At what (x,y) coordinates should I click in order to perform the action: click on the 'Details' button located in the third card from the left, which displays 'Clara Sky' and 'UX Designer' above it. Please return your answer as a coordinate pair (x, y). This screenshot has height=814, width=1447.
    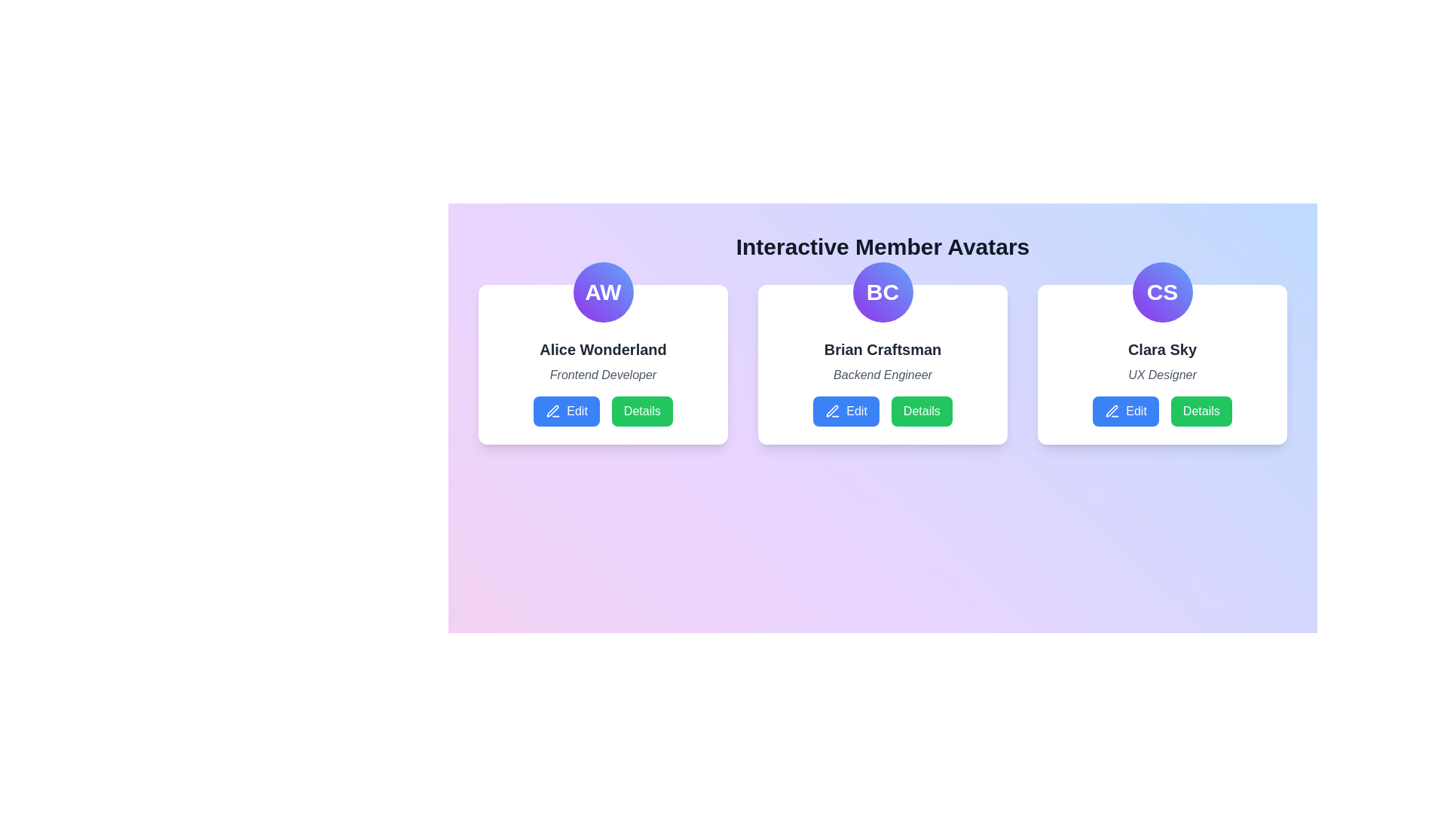
    Looking at the image, I should click on (1161, 382).